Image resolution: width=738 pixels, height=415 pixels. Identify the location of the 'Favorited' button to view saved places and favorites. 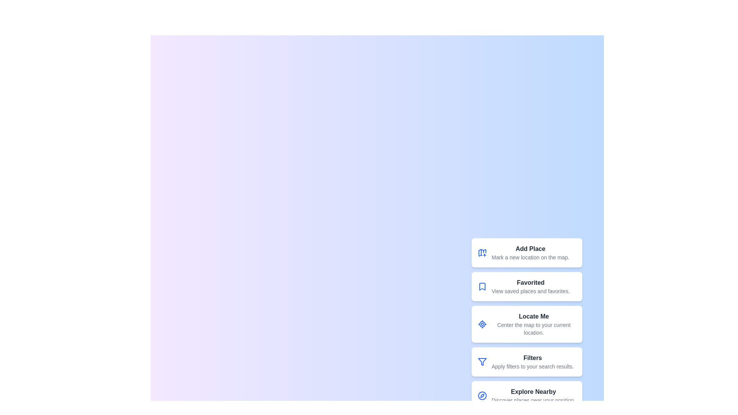
(530, 286).